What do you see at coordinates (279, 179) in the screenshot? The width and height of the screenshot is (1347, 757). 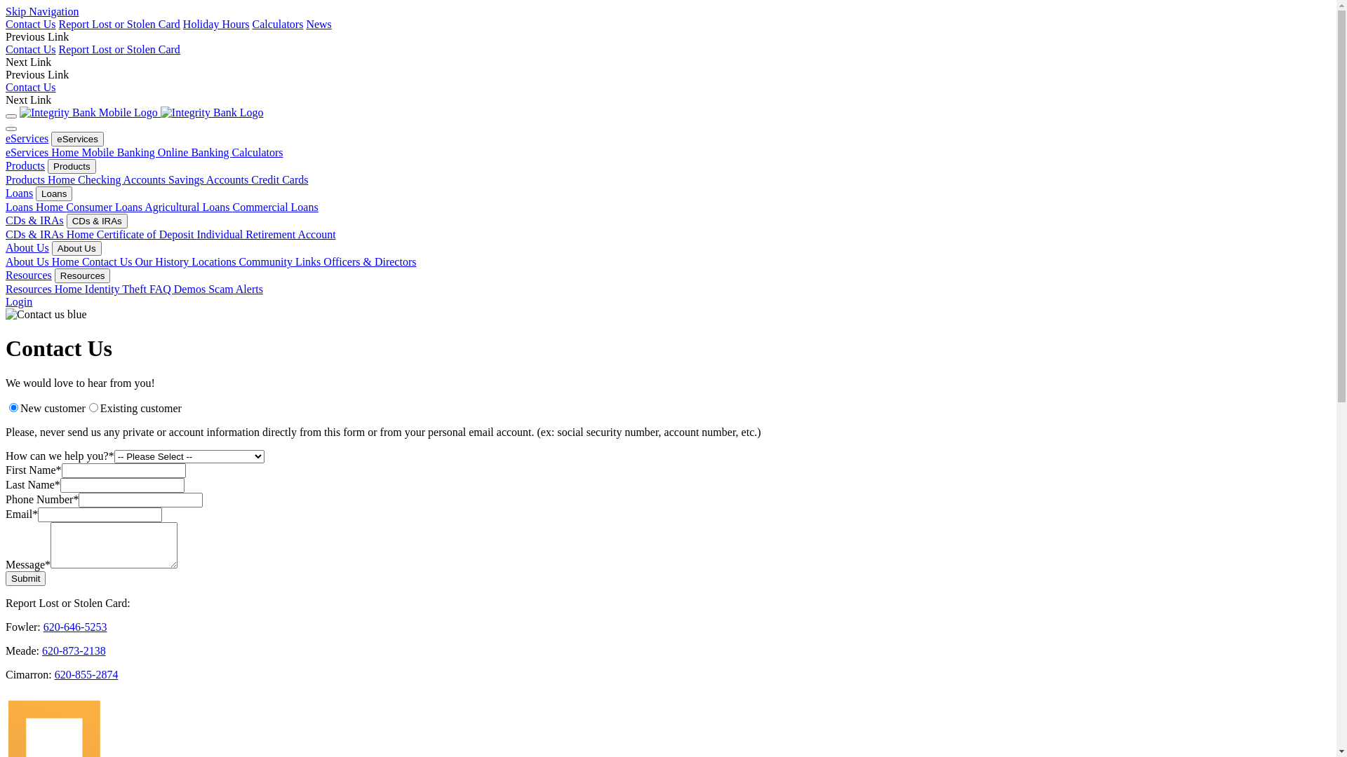 I see `'Credit Cards'` at bounding box center [279, 179].